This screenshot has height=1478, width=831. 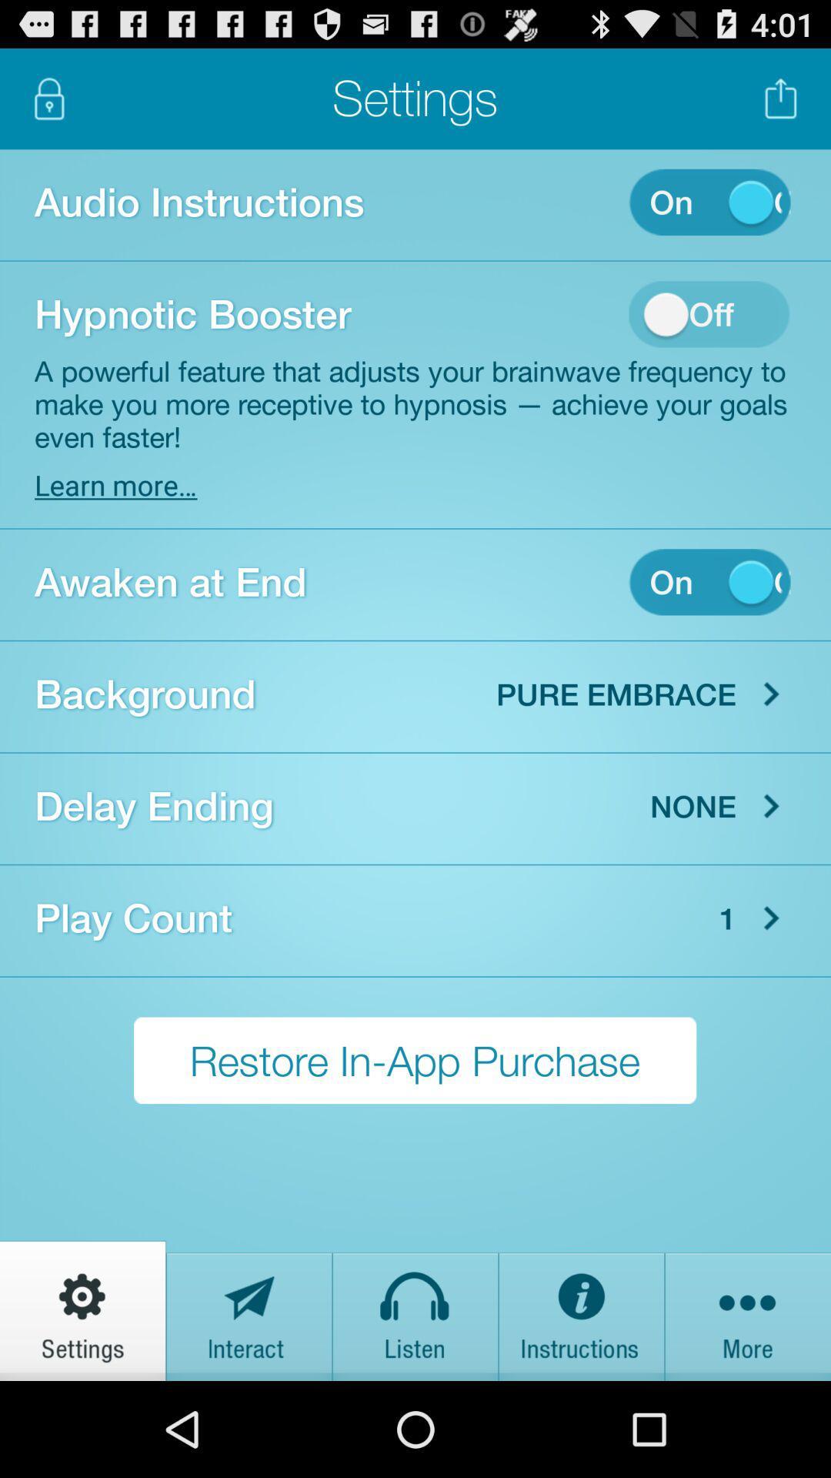 What do you see at coordinates (781, 105) in the screenshot?
I see `the launch icon` at bounding box center [781, 105].